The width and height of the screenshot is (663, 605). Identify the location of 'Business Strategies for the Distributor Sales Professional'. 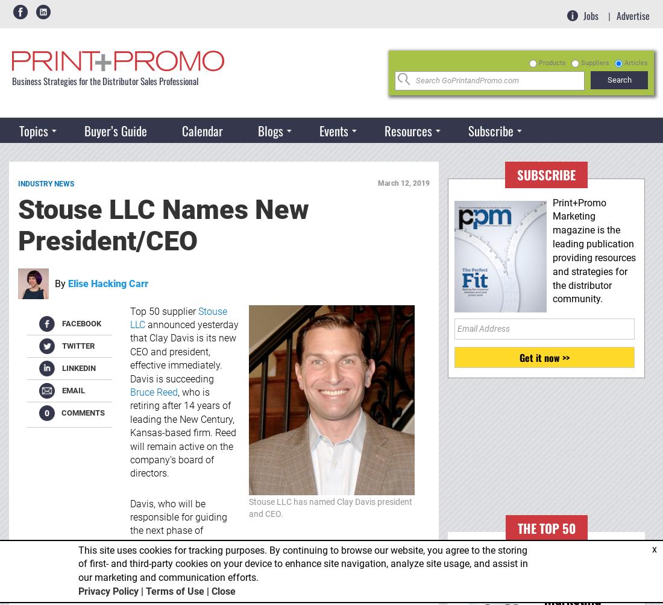
(104, 80).